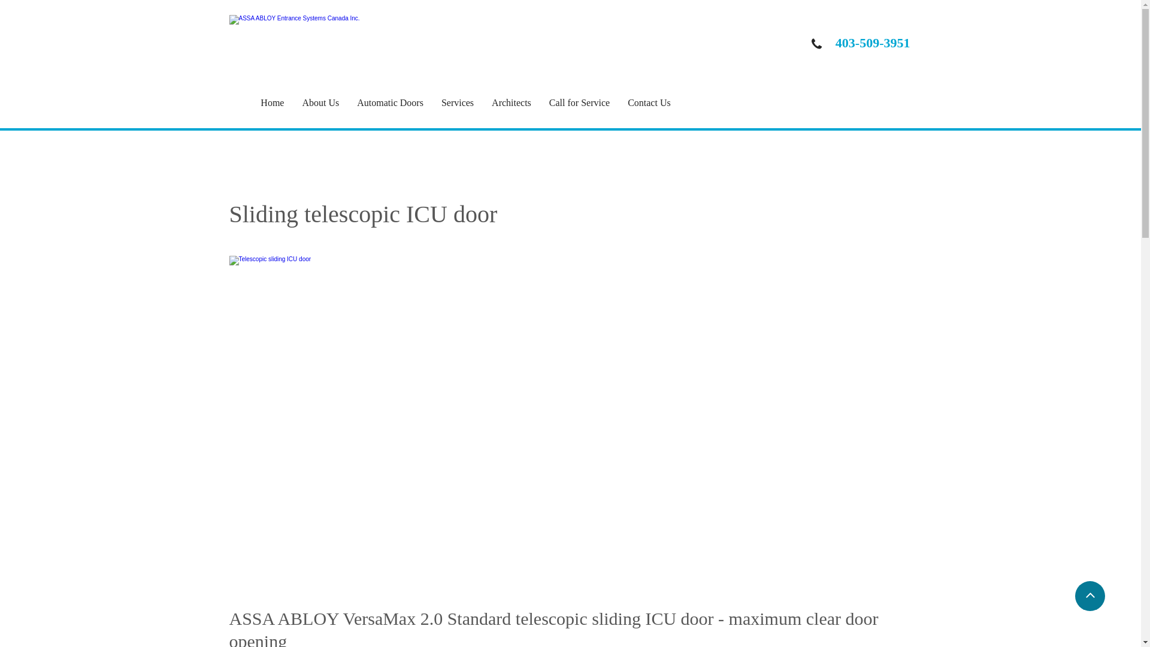 This screenshot has width=1150, height=647. I want to click on '403-509-3951', so click(873, 42).